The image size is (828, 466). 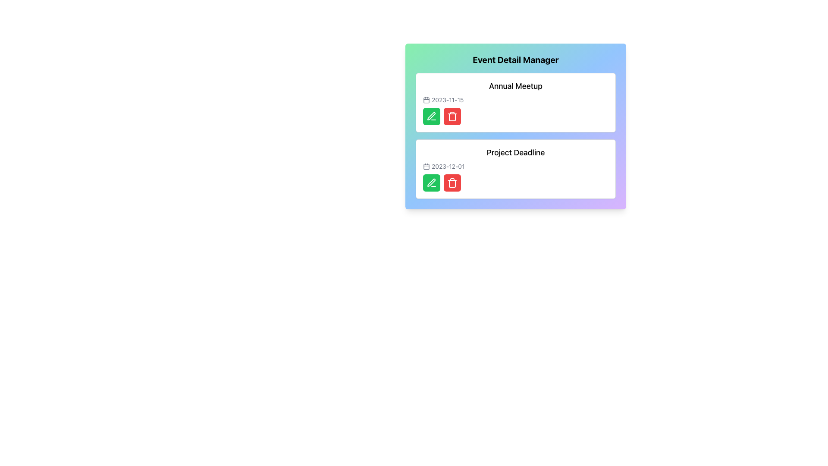 What do you see at coordinates (432, 116) in the screenshot?
I see `the pen icon, which is styled as a white vector graphic on a green circular background, located within a green button under the 'Annual Meetup' event detail panel` at bounding box center [432, 116].